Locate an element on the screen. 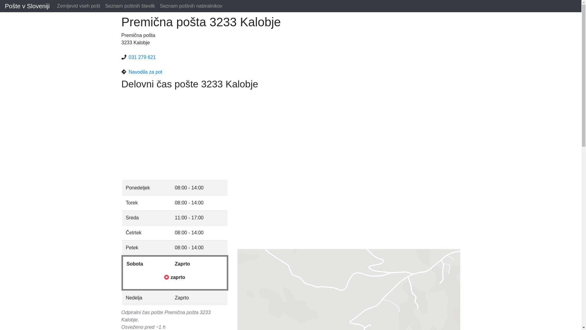 The width and height of the screenshot is (586, 330). 'Navodila za pot' is located at coordinates (128, 71).